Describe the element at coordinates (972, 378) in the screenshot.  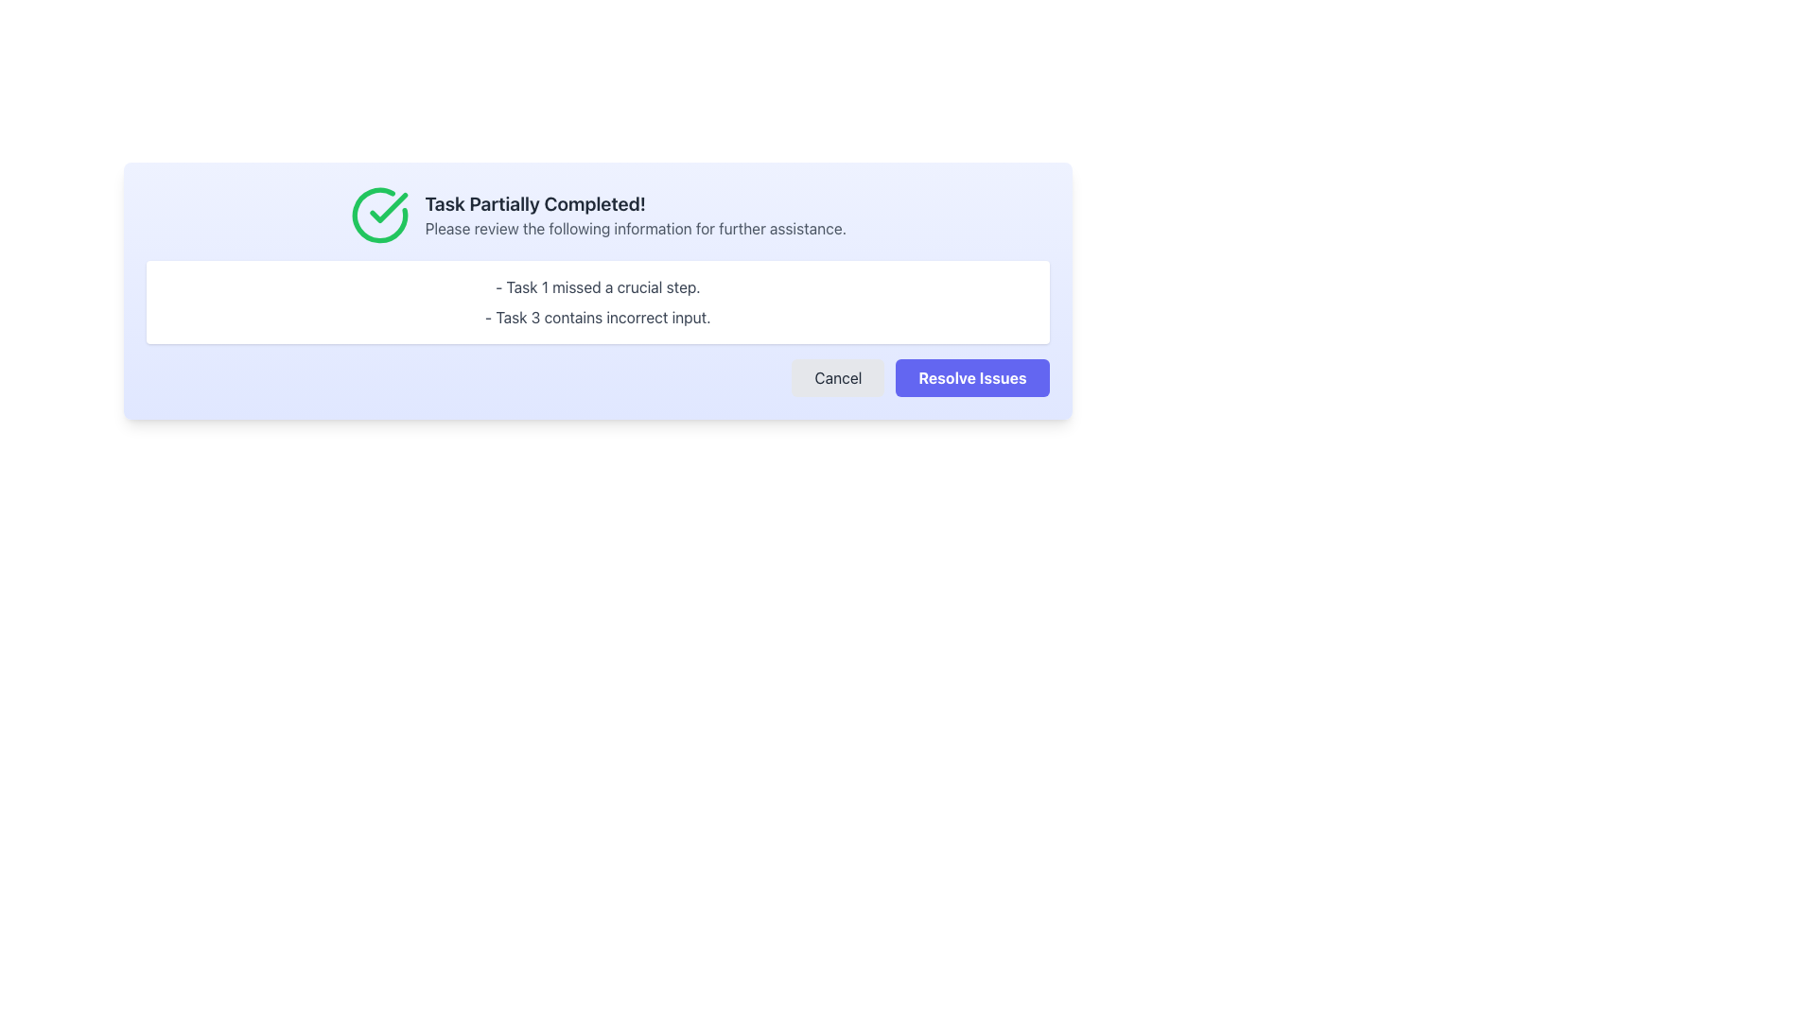
I see `the 'Resolve Issues' button with a purple background and white bold text for keyboard navigation` at that location.